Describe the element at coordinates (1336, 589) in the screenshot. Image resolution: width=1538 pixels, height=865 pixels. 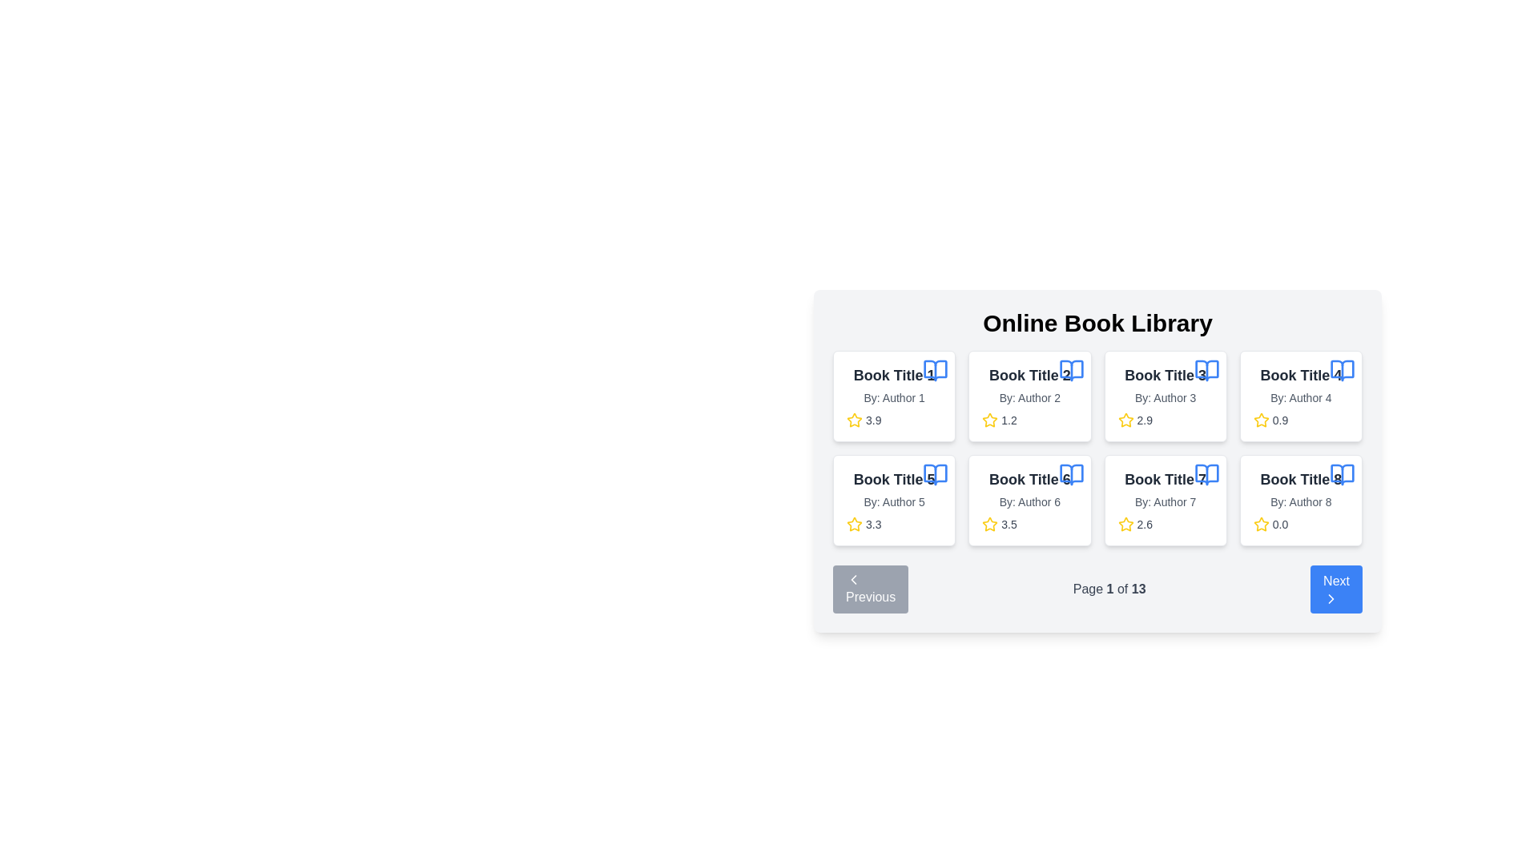
I see `the rightmost pagination button located next to the text 'Page 1 of 13'` at that location.